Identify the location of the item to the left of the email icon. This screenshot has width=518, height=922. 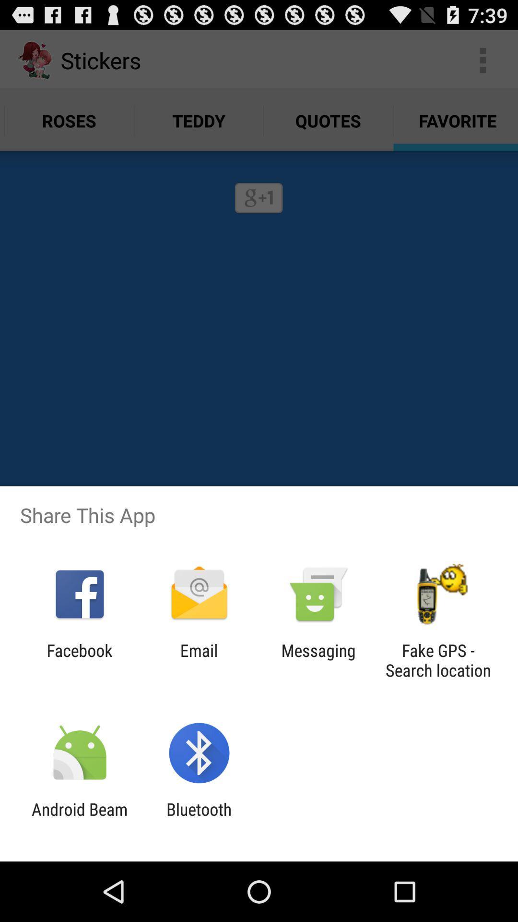
(79, 660).